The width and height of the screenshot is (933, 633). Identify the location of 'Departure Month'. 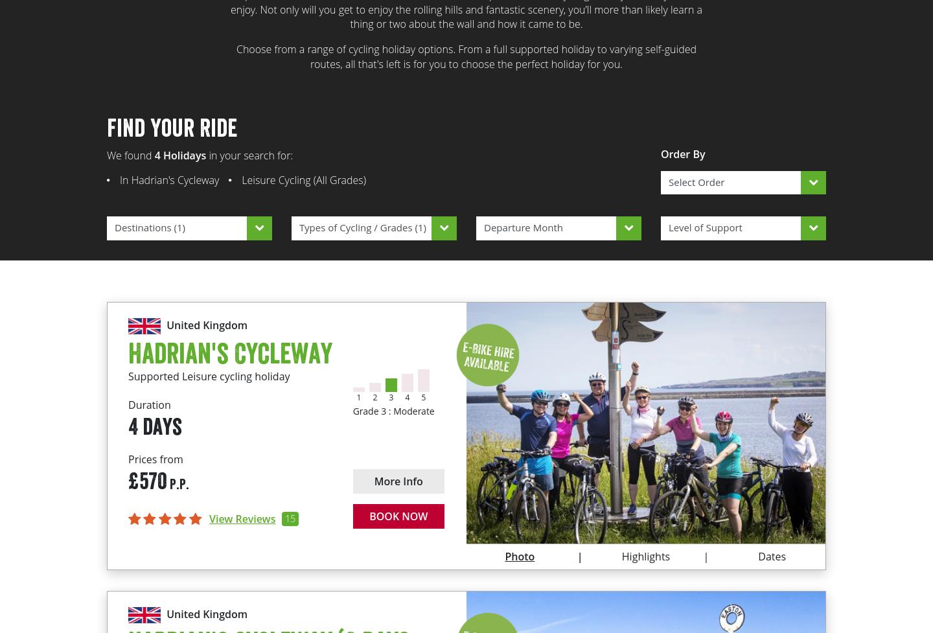
(523, 227).